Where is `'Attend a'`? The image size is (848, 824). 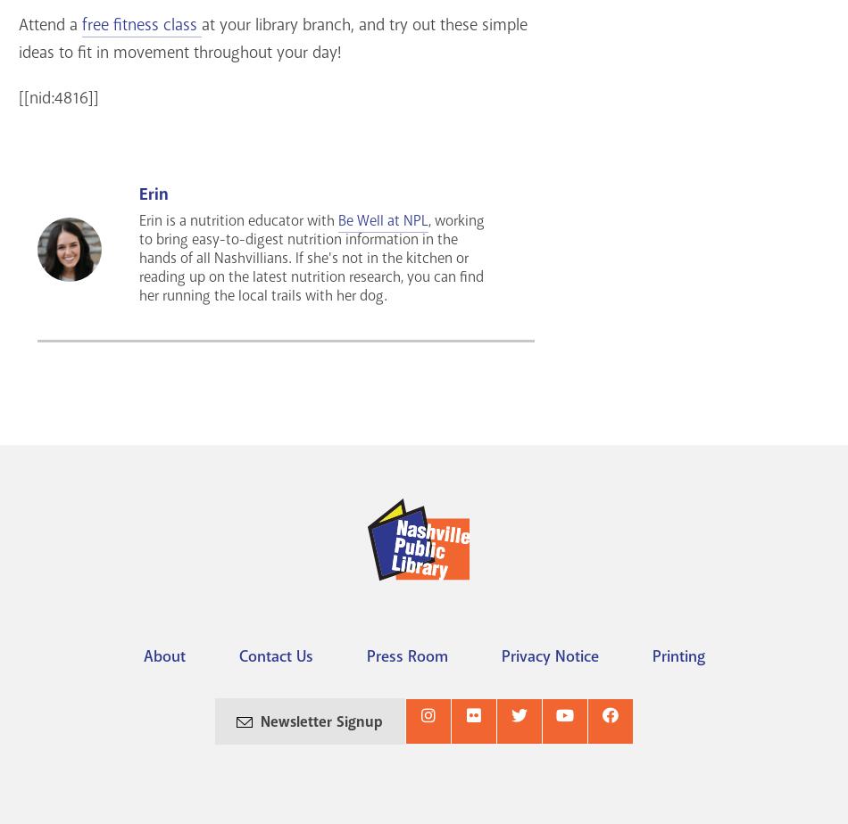 'Attend a' is located at coordinates (50, 24).